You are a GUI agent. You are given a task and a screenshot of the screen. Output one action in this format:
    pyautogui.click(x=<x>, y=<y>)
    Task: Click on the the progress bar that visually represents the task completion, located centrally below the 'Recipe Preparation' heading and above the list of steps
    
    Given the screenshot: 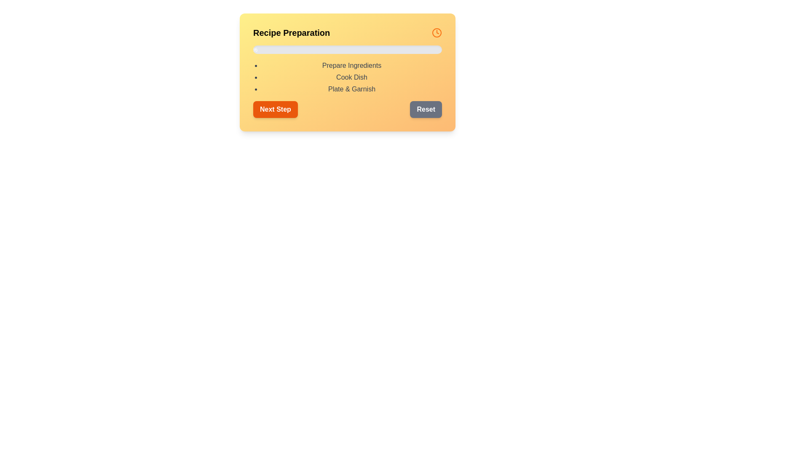 What is the action you would take?
    pyautogui.click(x=348, y=50)
    